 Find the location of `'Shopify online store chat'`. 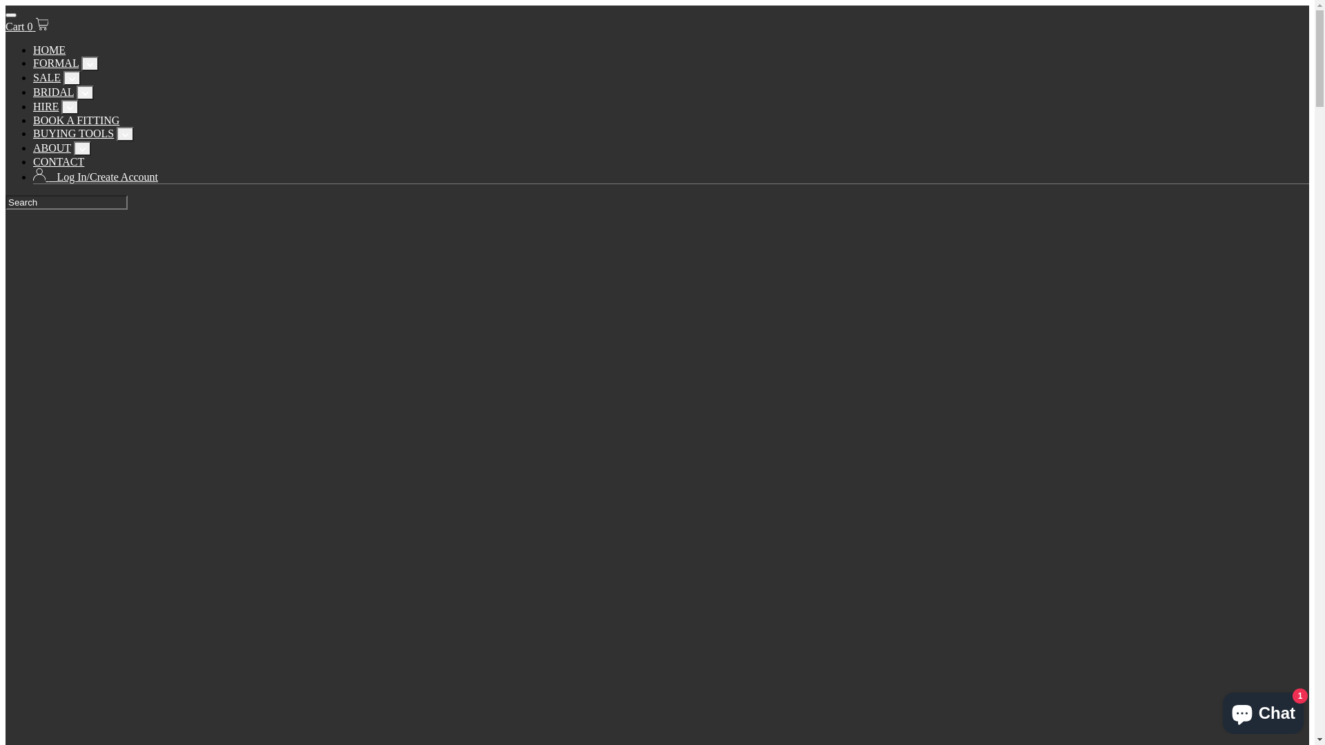

'Shopify online store chat' is located at coordinates (1263, 710).